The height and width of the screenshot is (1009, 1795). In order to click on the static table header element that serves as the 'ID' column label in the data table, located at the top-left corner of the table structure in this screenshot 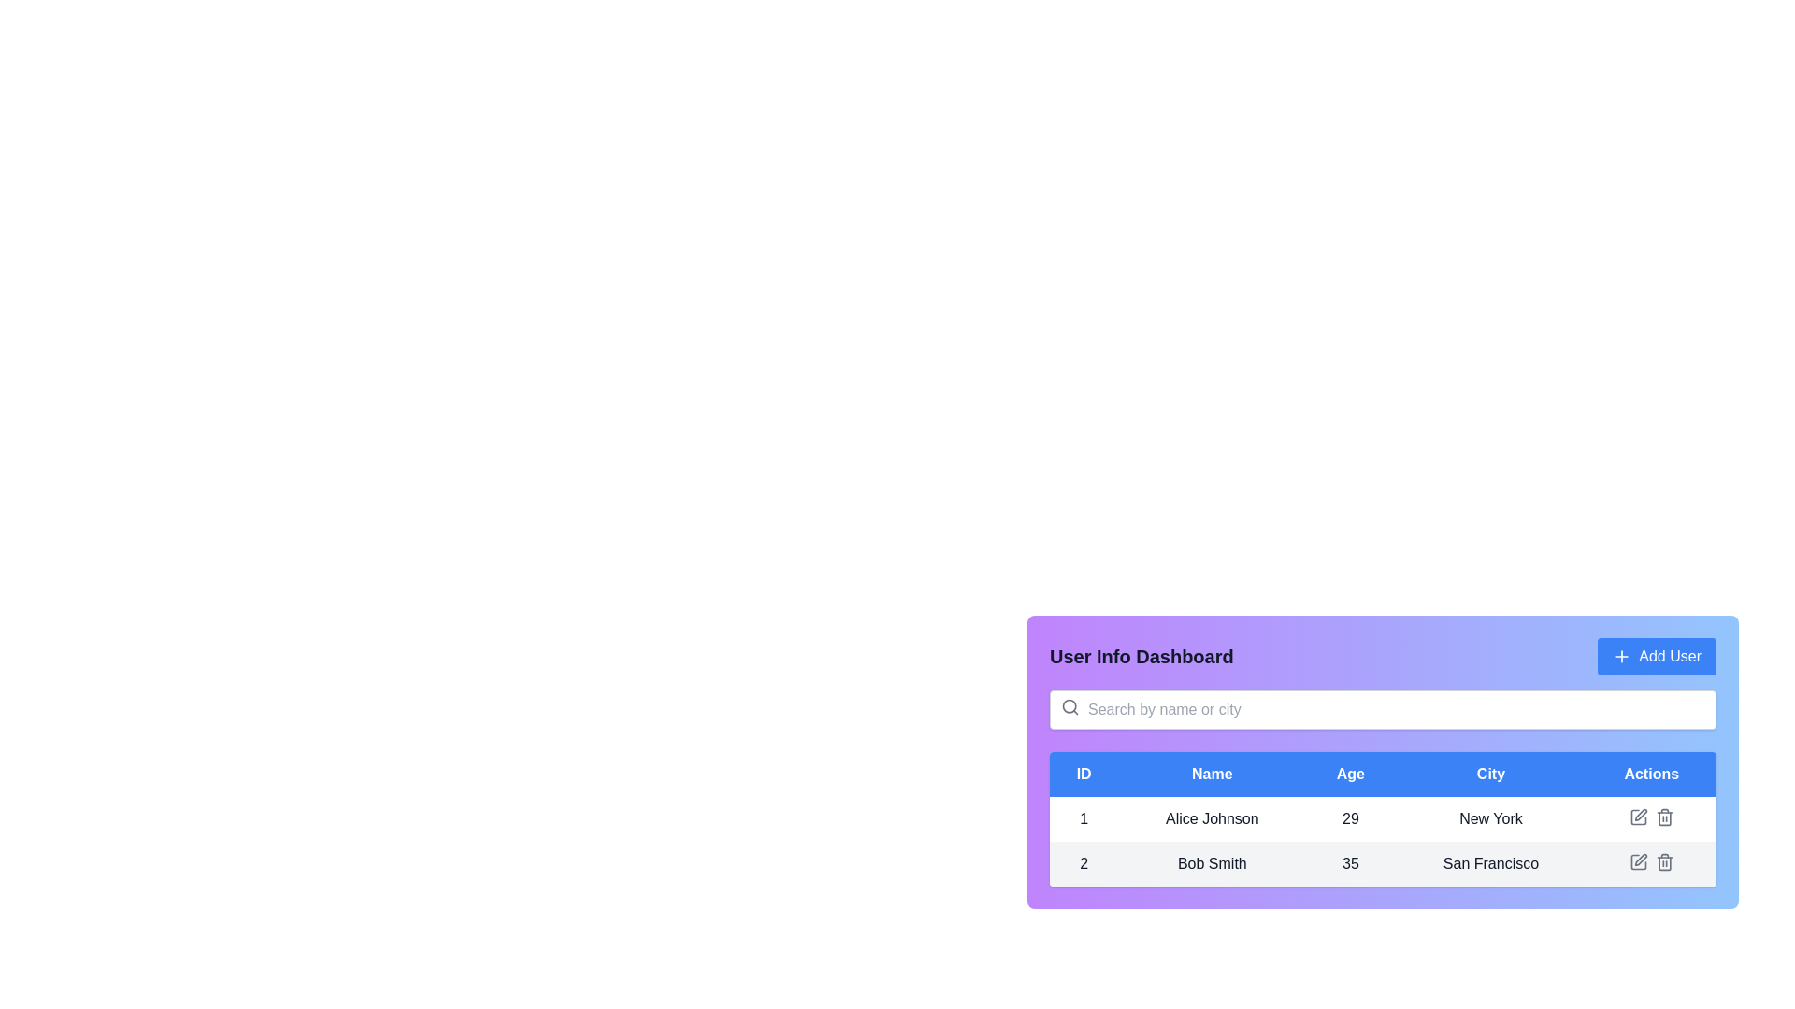, I will do `click(1084, 775)`.